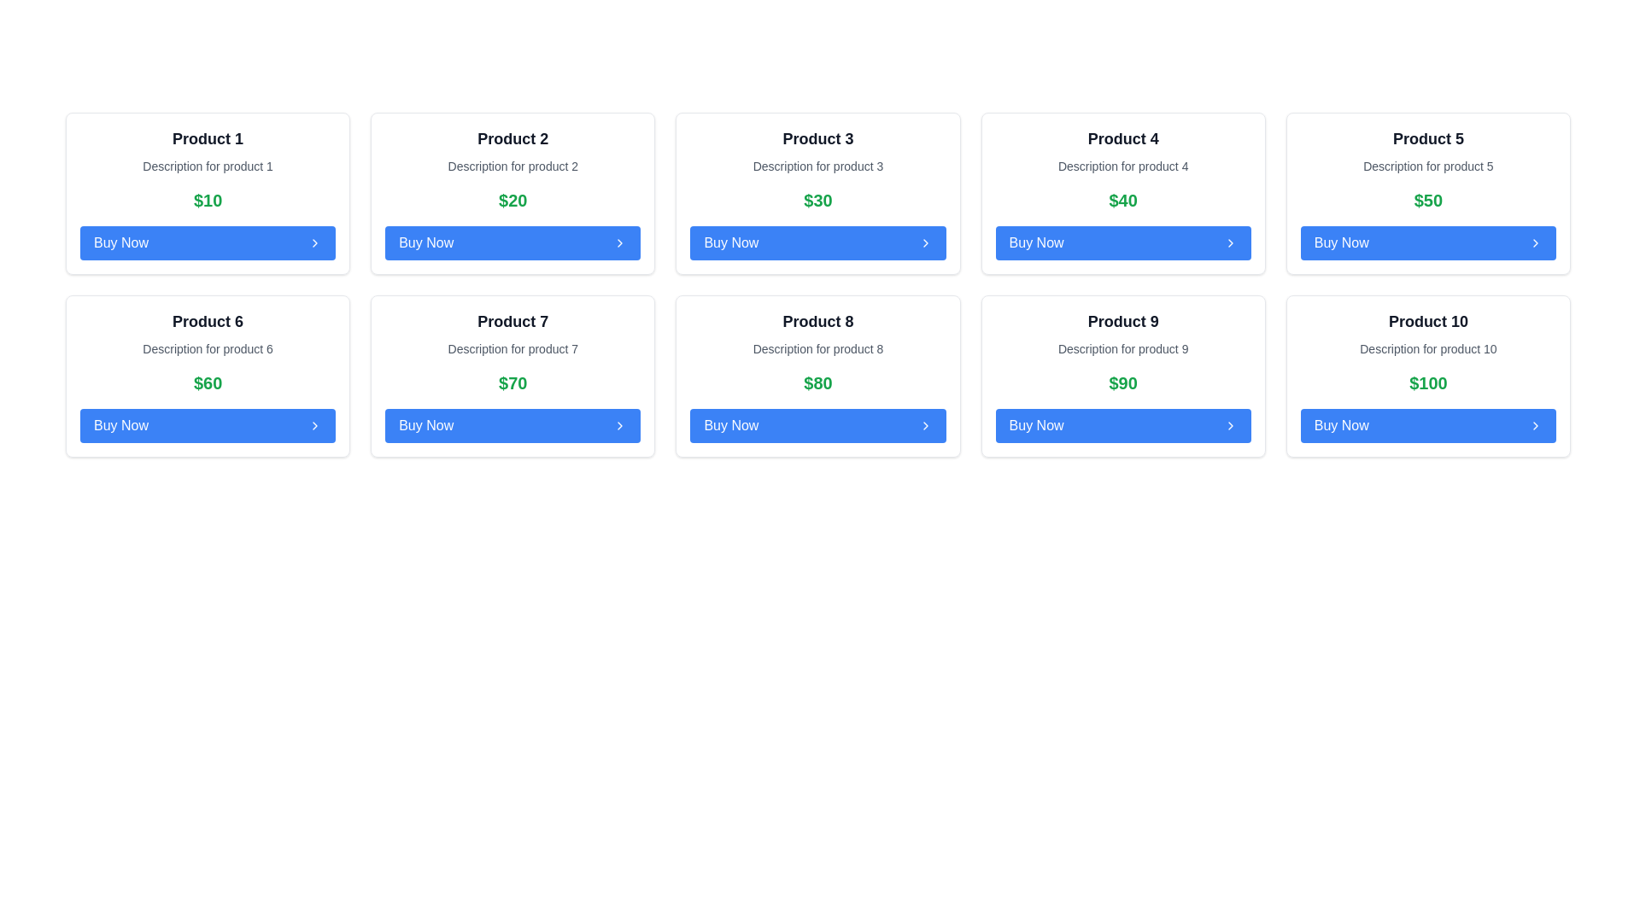 The height and width of the screenshot is (922, 1640). Describe the element at coordinates (924, 424) in the screenshot. I see `the rightward-pointing chevron icon embedded in the 'Buy Now' button located at the bottom of the 'Product 8' card` at that location.